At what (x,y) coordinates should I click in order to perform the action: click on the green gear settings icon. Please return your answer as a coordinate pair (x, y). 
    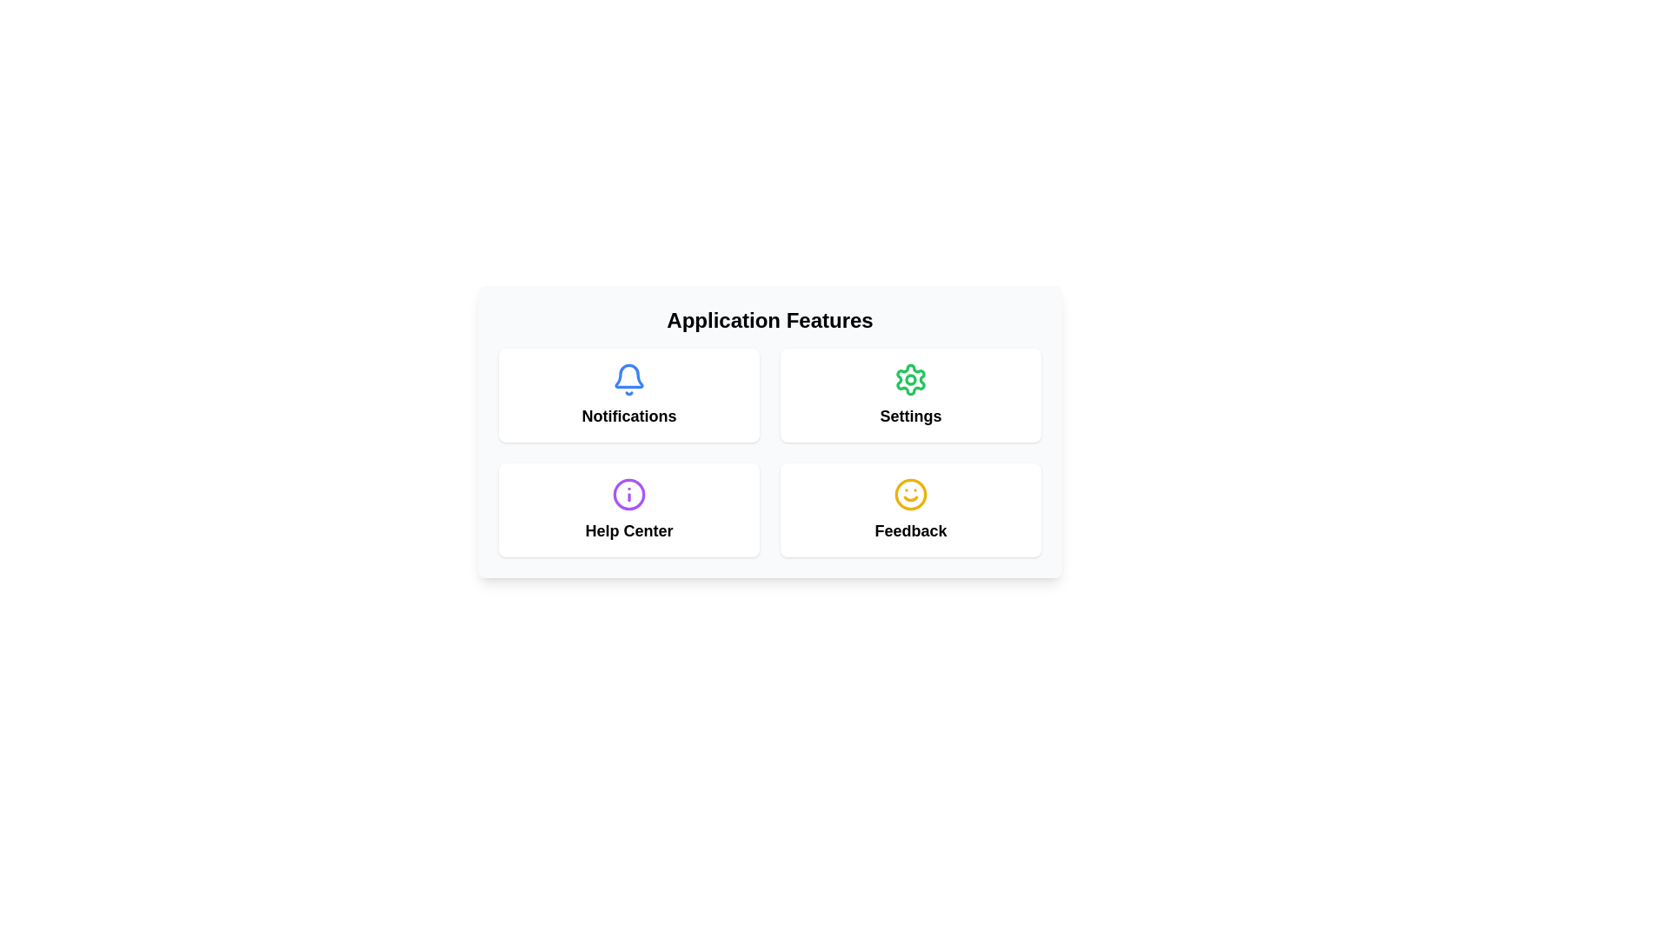
    Looking at the image, I should click on (909, 378).